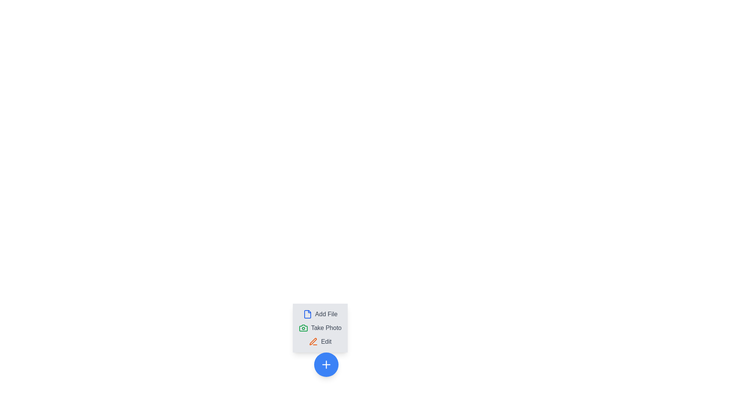 The height and width of the screenshot is (412, 732). What do you see at coordinates (320, 328) in the screenshot?
I see `the 'Take Photo' button, which features a green camera icon and dark gray text, located in the floating menu at the bottom-right of the interface` at bounding box center [320, 328].